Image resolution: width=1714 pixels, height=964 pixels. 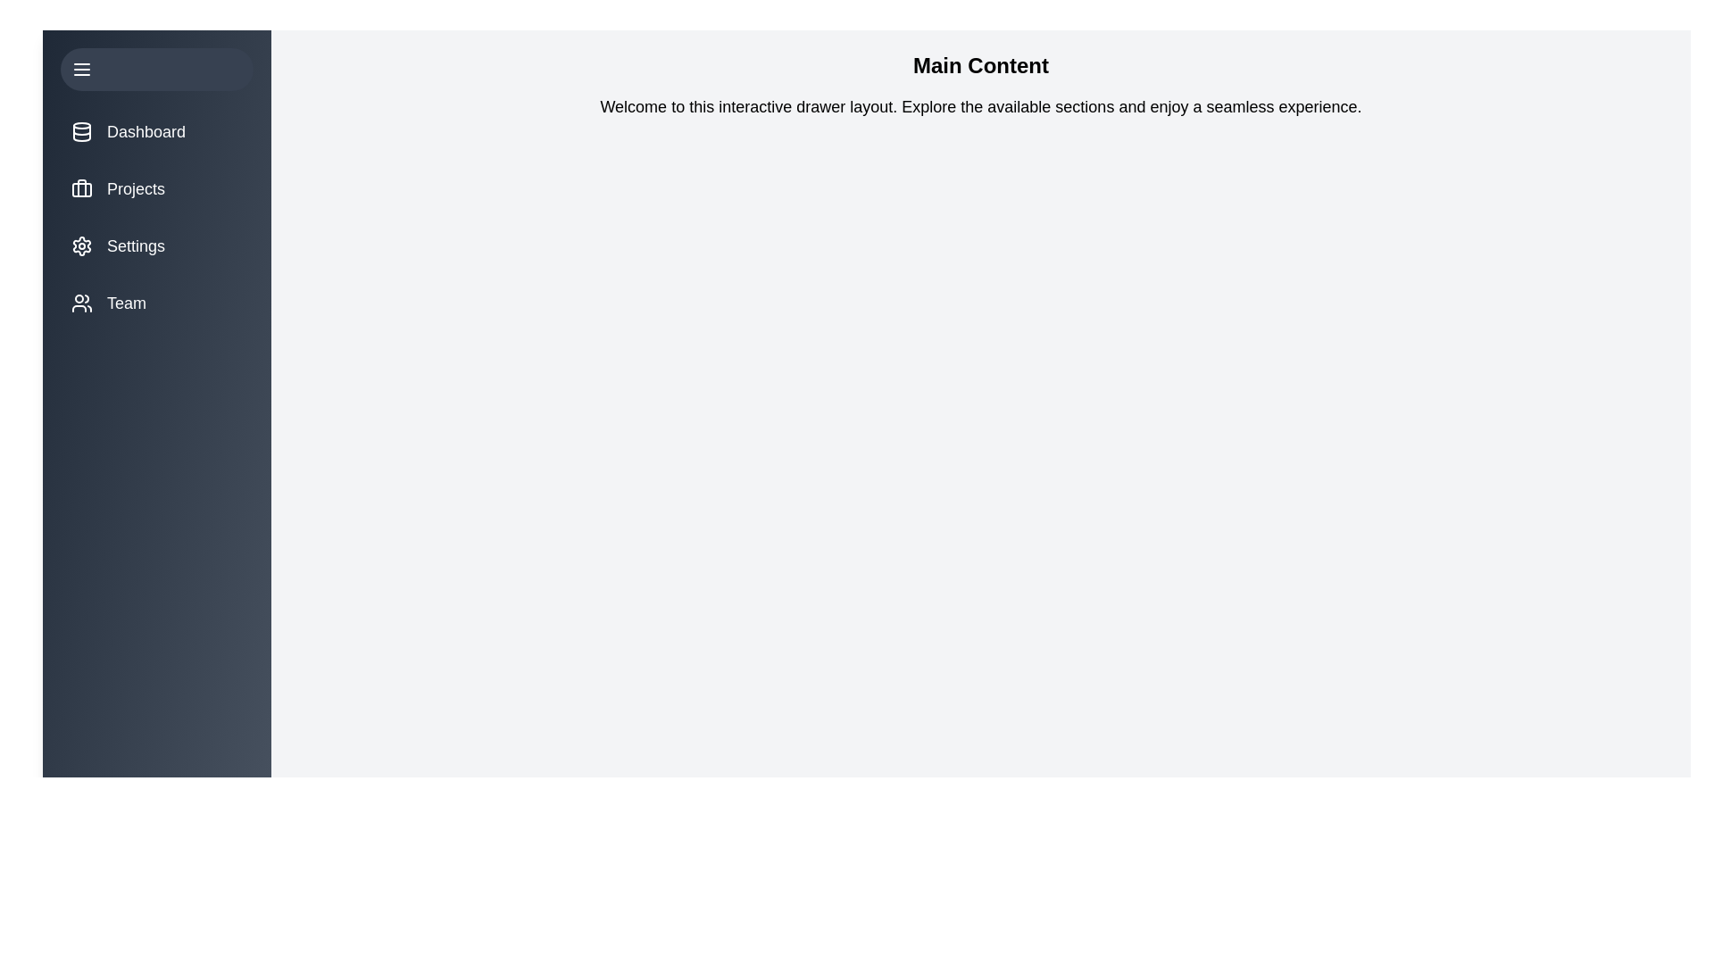 What do you see at coordinates (157, 130) in the screenshot?
I see `the menu item Dashboard from the drawer` at bounding box center [157, 130].